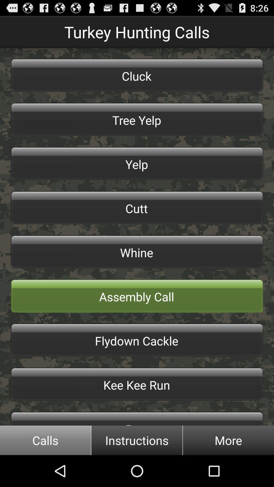 This screenshot has height=487, width=274. What do you see at coordinates (137, 340) in the screenshot?
I see `item below assembly call` at bounding box center [137, 340].